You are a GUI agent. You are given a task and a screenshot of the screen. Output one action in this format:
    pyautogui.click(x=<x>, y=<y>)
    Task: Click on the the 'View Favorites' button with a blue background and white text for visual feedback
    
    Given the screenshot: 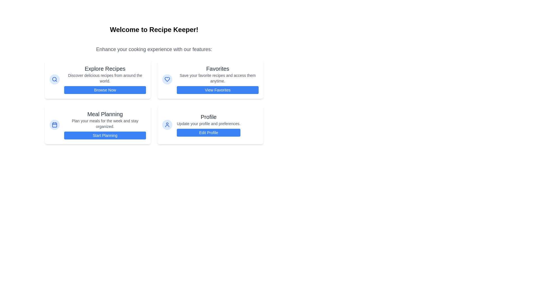 What is the action you would take?
    pyautogui.click(x=217, y=89)
    